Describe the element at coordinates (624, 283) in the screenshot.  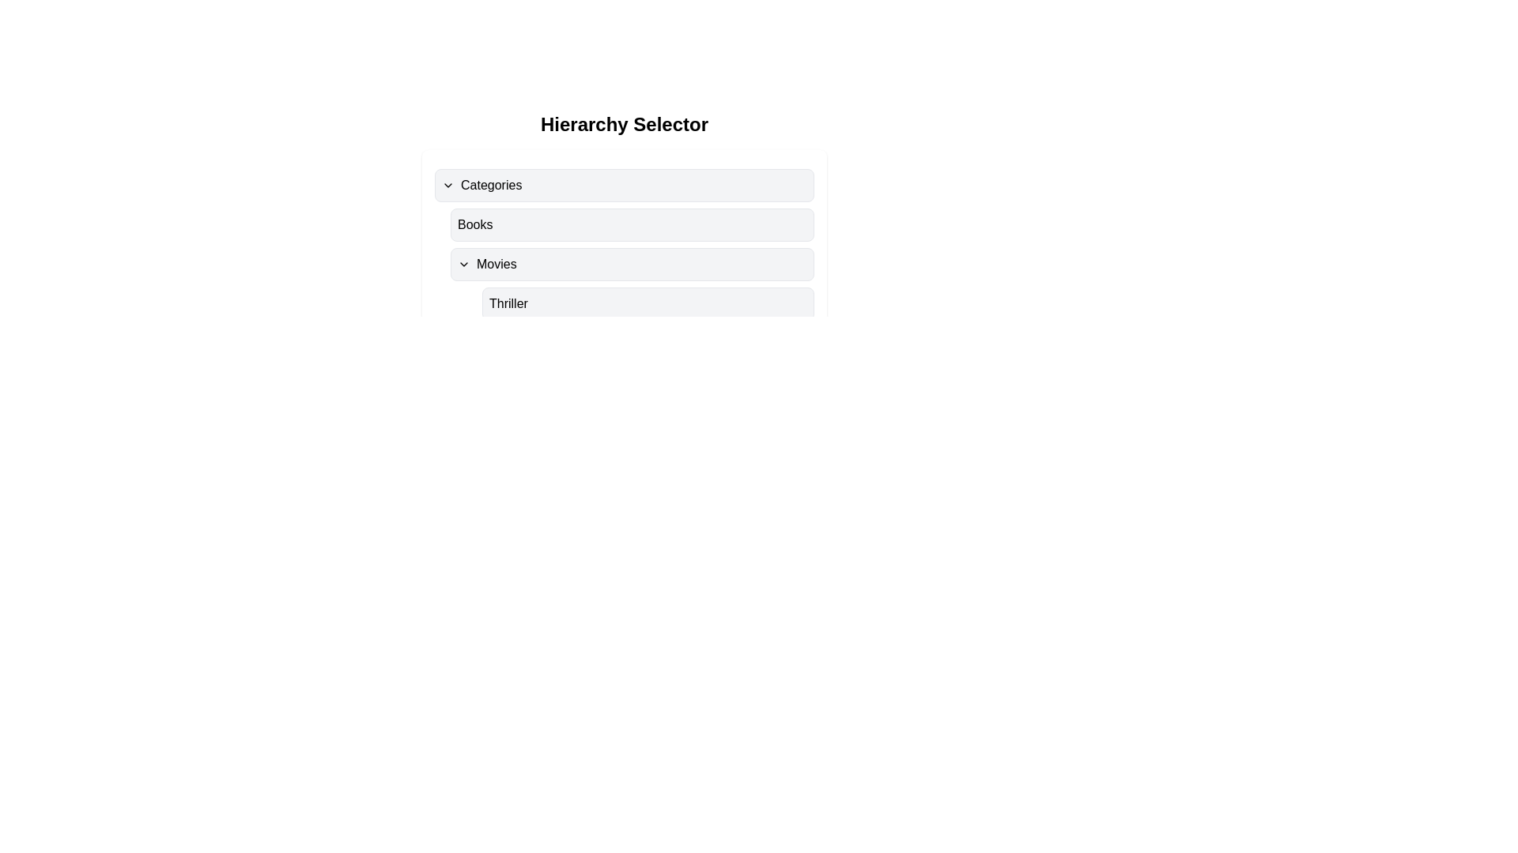
I see `the 'Movies' hierarchical navigation item, which includes the text 'Movies' and 'Thriller' with a dropdown arrow icon` at that location.